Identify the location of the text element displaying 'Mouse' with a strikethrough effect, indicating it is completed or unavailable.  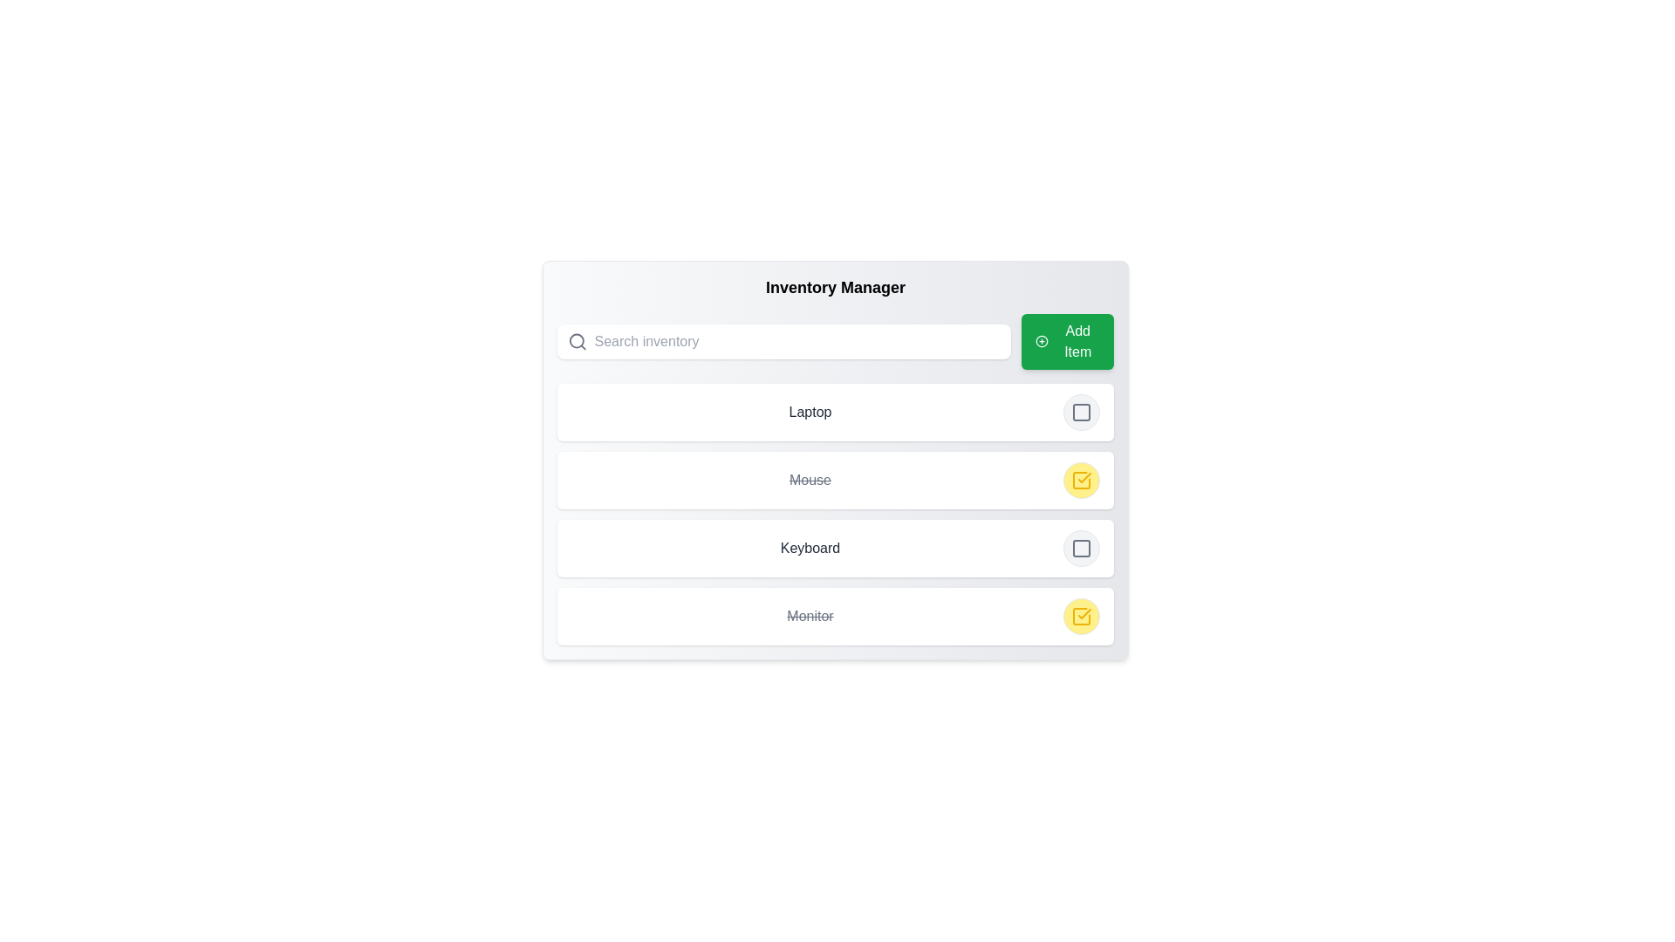
(810, 481).